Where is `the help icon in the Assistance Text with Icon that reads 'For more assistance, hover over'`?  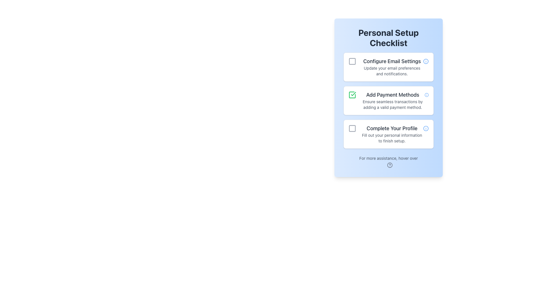 the help icon in the Assistance Text with Icon that reads 'For more assistance, hover over' is located at coordinates (388, 162).